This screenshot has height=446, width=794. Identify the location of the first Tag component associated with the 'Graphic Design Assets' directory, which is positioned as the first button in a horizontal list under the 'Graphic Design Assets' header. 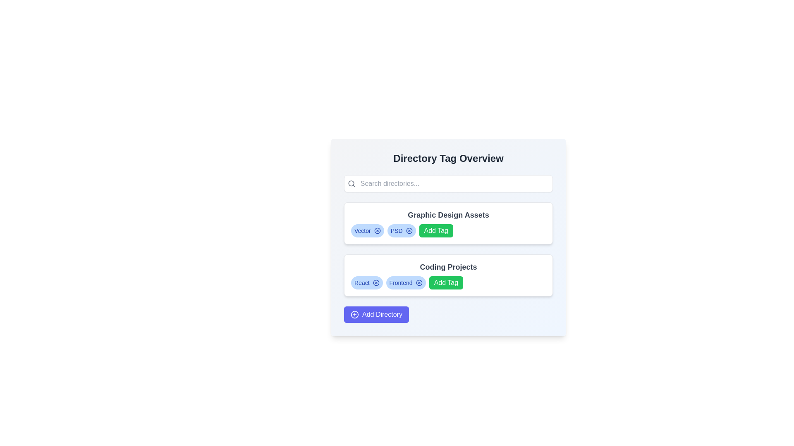
(367, 231).